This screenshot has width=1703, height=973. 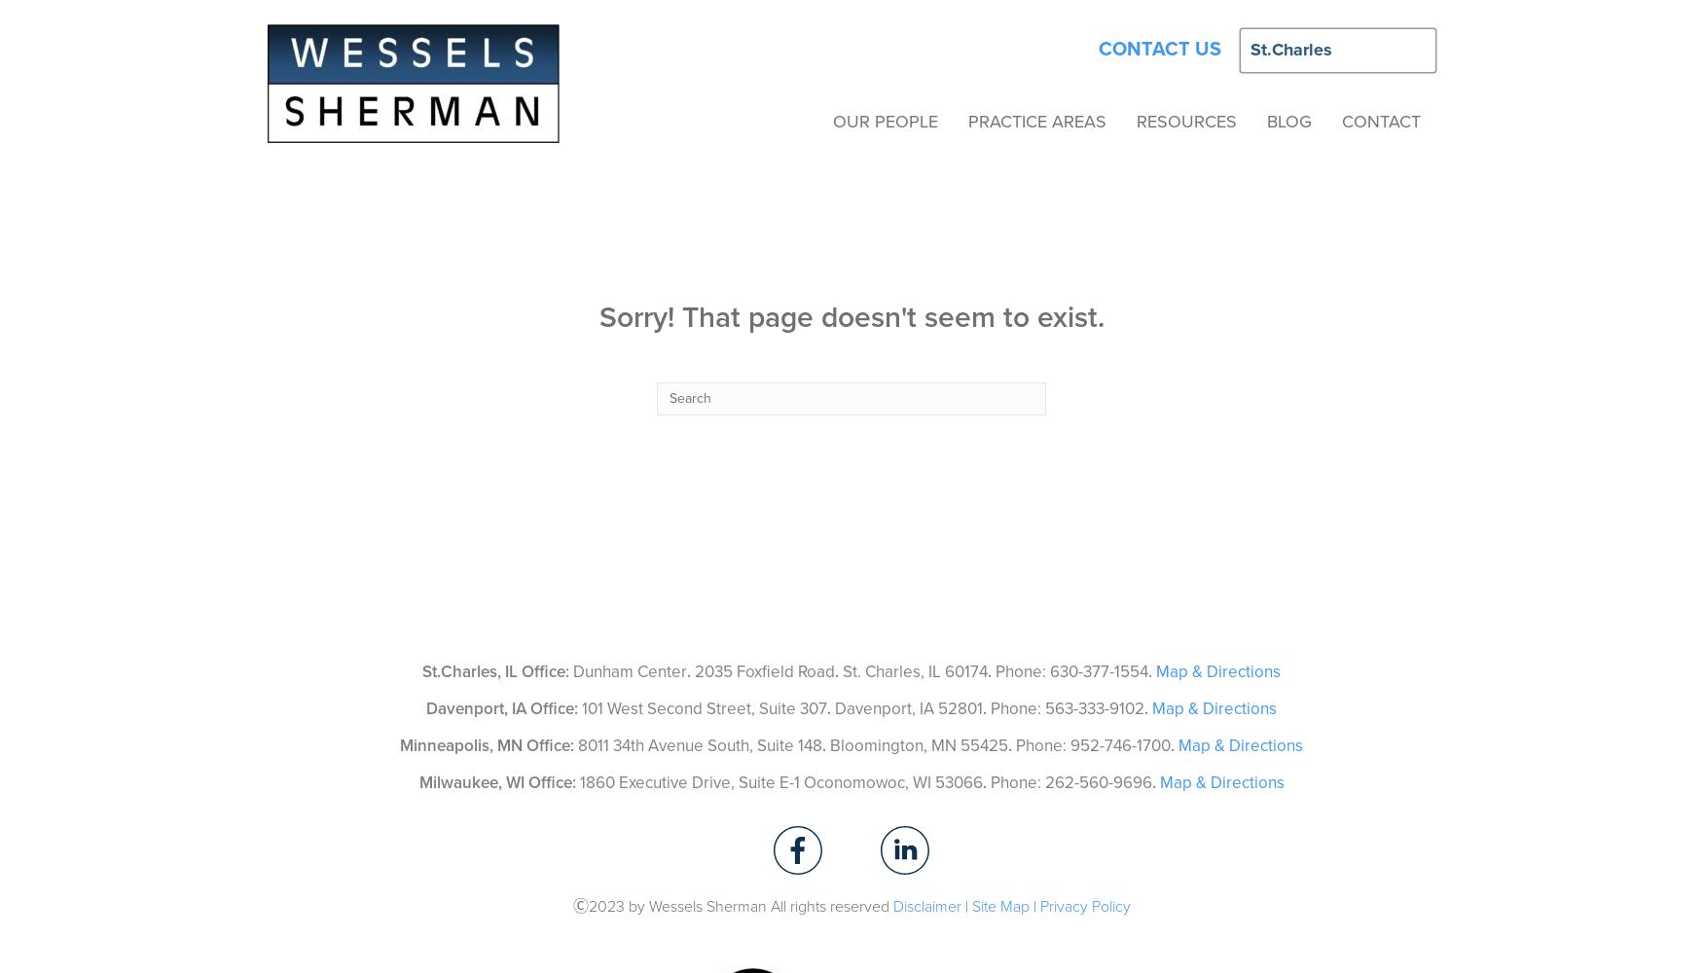 I want to click on 'Site Map', so click(x=998, y=906).